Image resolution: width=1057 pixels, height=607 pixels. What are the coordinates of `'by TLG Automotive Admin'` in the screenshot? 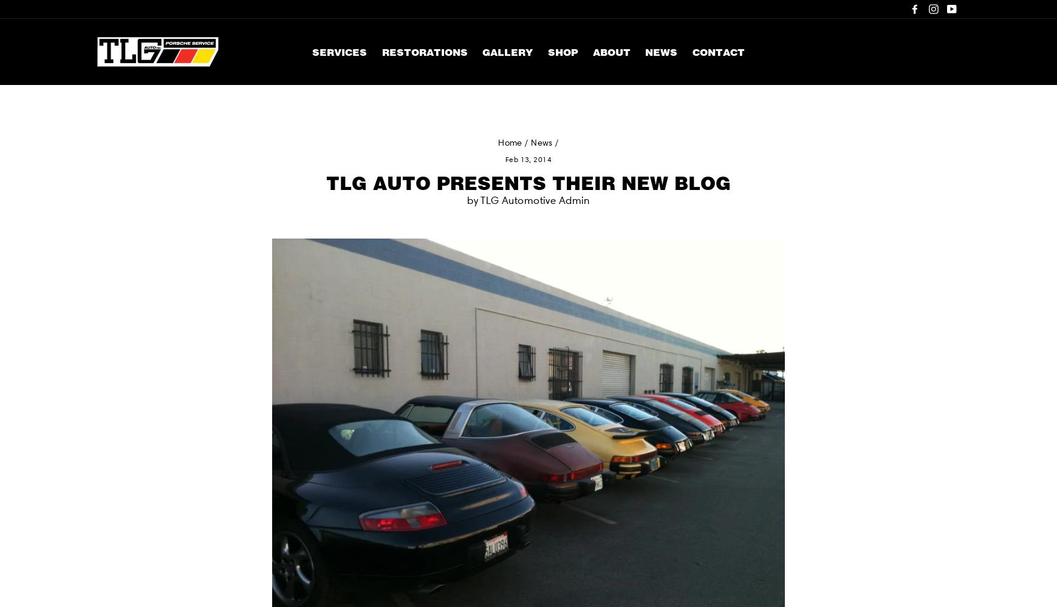 It's located at (467, 200).